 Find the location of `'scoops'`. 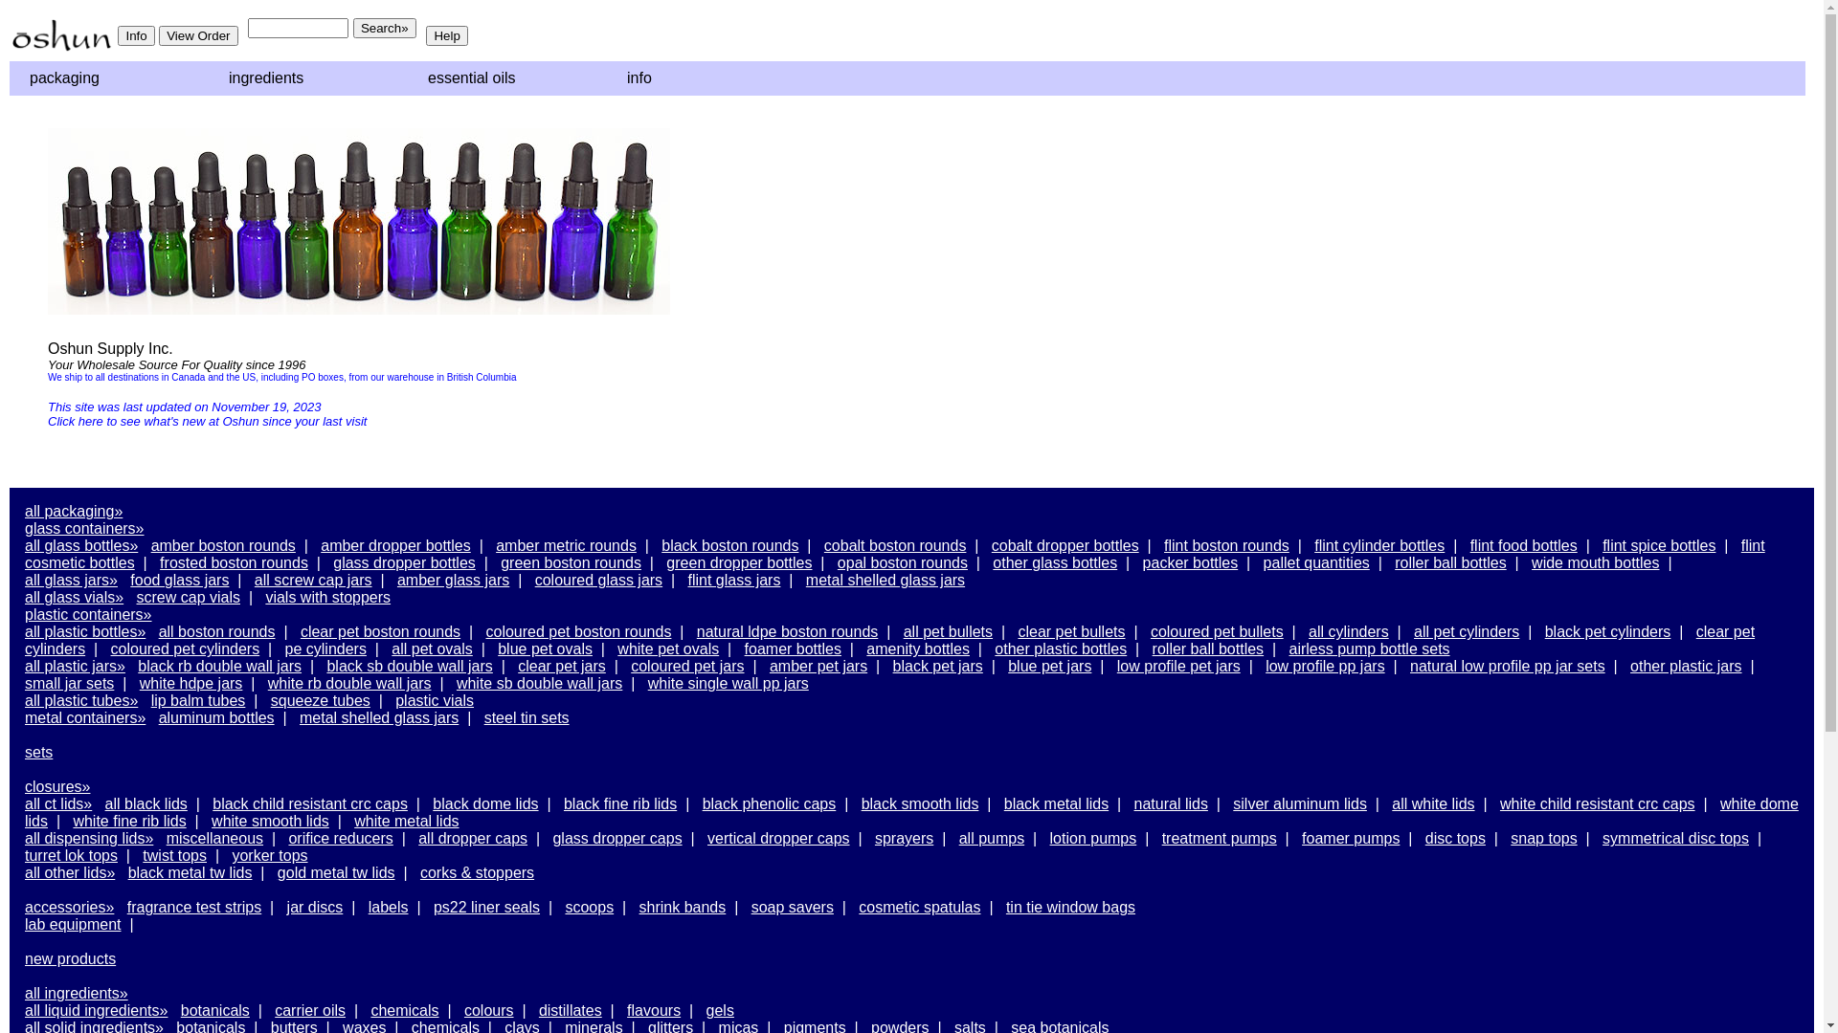

'scoops' is located at coordinates (588, 906).